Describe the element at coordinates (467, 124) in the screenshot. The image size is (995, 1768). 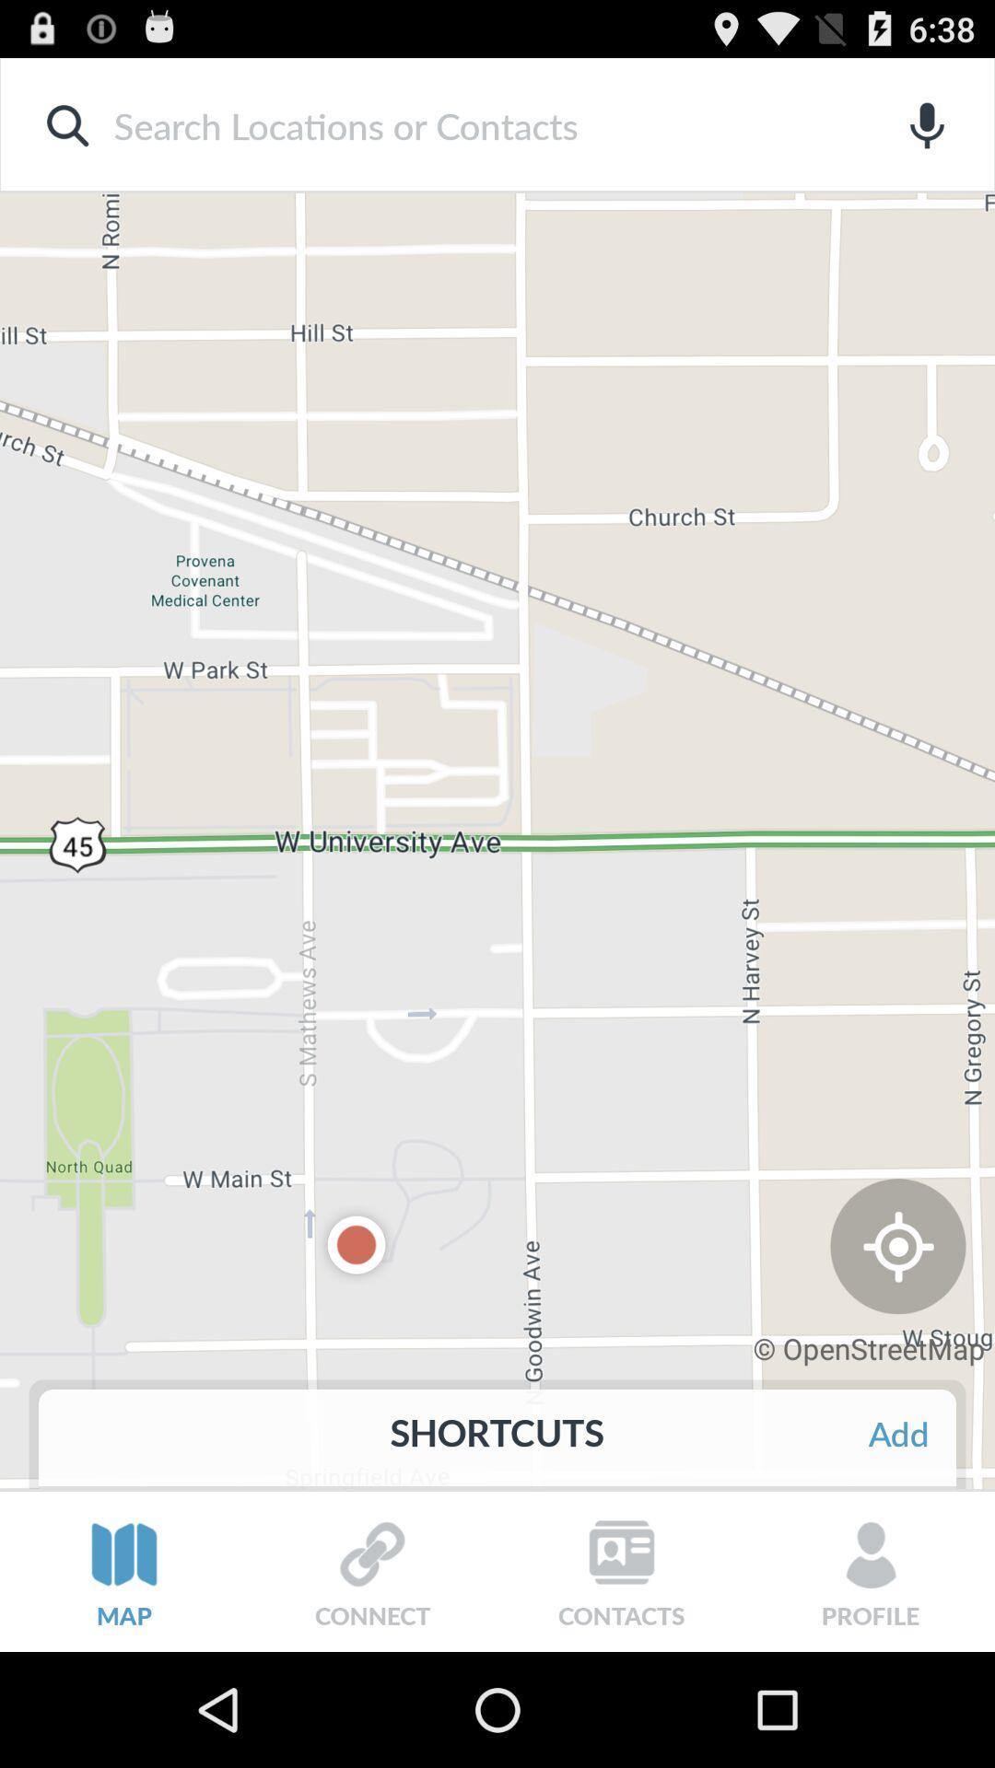
I see `input search` at that location.